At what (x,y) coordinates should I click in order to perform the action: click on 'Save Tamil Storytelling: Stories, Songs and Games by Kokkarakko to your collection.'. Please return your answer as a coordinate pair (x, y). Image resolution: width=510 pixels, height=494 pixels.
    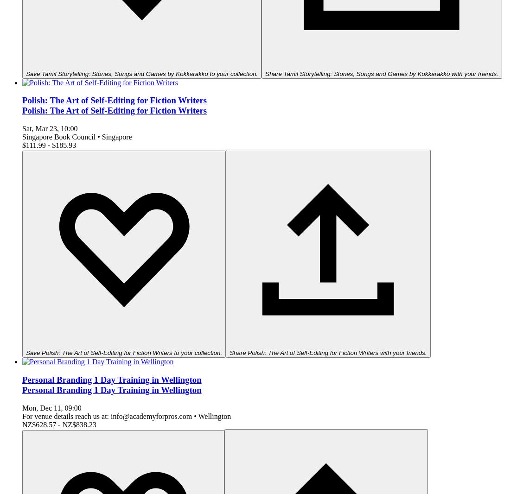
    Looking at the image, I should click on (141, 73).